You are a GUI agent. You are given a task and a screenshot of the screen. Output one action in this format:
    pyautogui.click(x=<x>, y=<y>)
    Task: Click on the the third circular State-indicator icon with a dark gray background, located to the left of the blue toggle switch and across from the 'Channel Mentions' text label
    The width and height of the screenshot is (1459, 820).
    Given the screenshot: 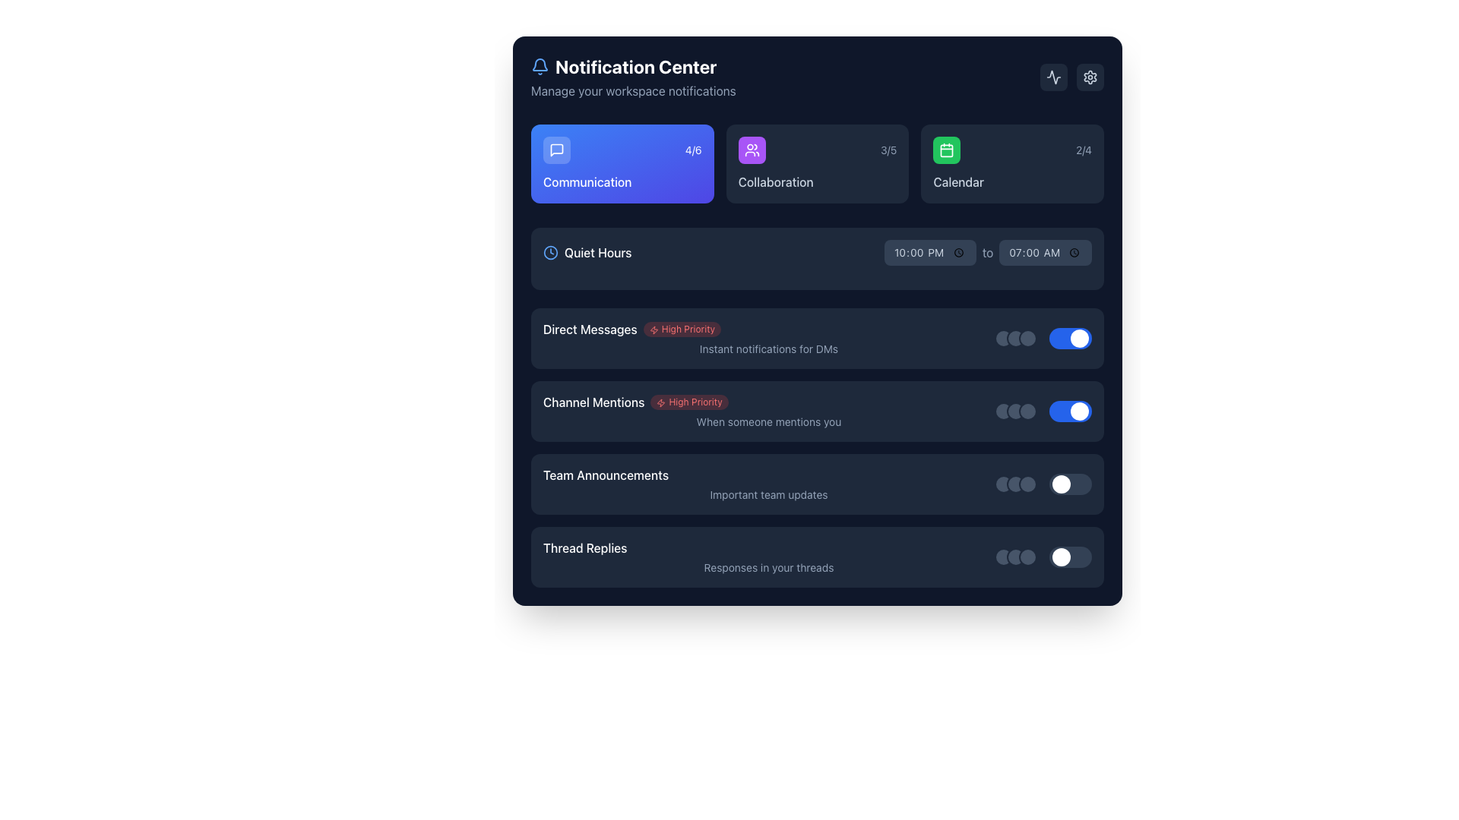 What is the action you would take?
    pyautogui.click(x=1028, y=412)
    